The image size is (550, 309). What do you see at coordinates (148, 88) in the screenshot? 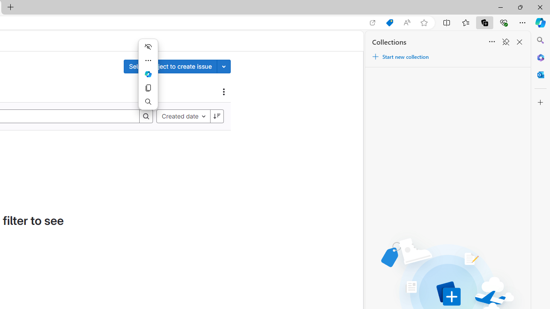
I see `'Copy'` at bounding box center [148, 88].